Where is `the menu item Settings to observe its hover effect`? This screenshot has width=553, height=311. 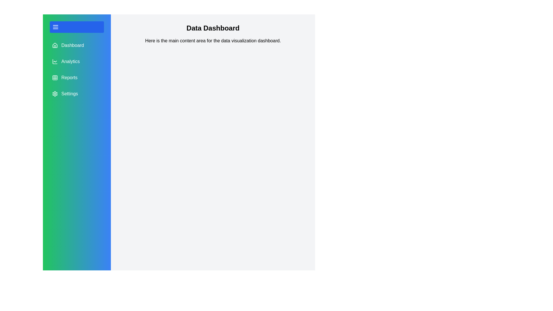
the menu item Settings to observe its hover effect is located at coordinates (77, 94).